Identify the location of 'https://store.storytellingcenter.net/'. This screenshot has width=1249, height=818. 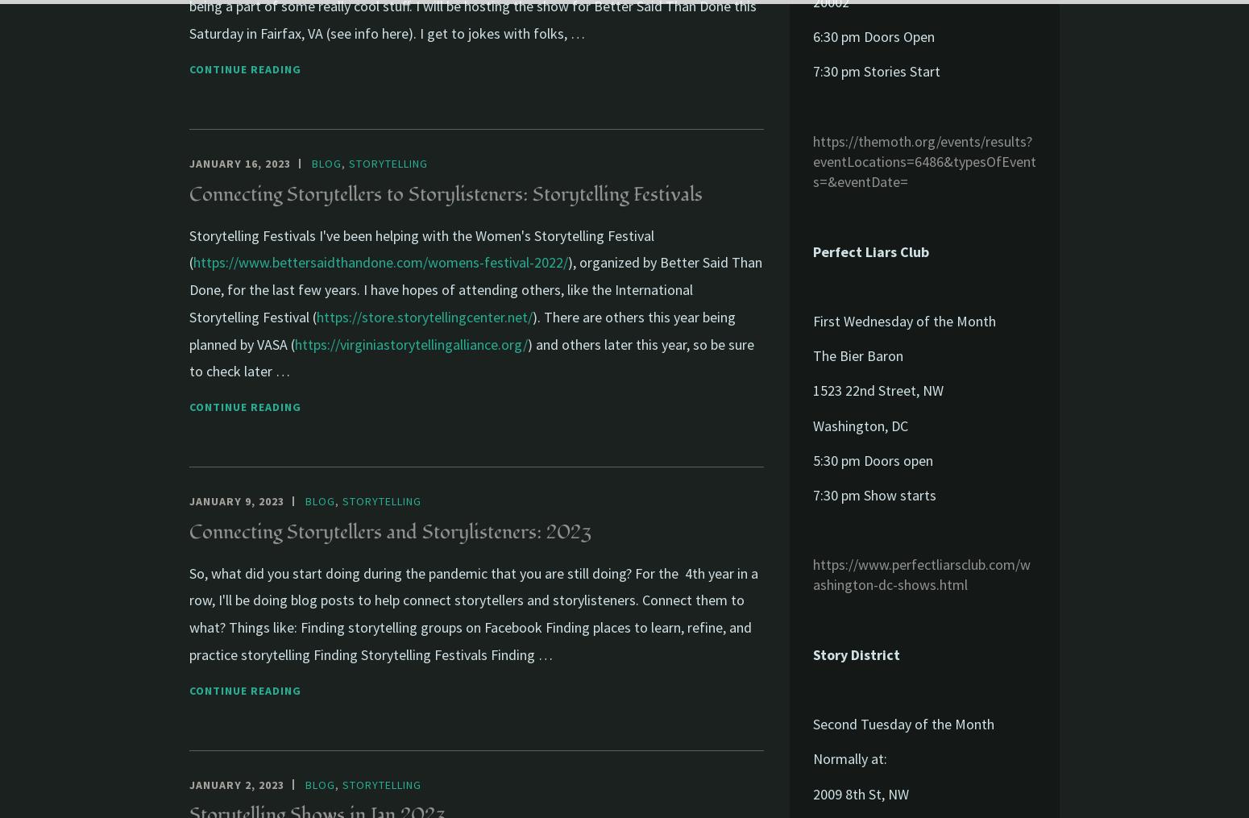
(424, 316).